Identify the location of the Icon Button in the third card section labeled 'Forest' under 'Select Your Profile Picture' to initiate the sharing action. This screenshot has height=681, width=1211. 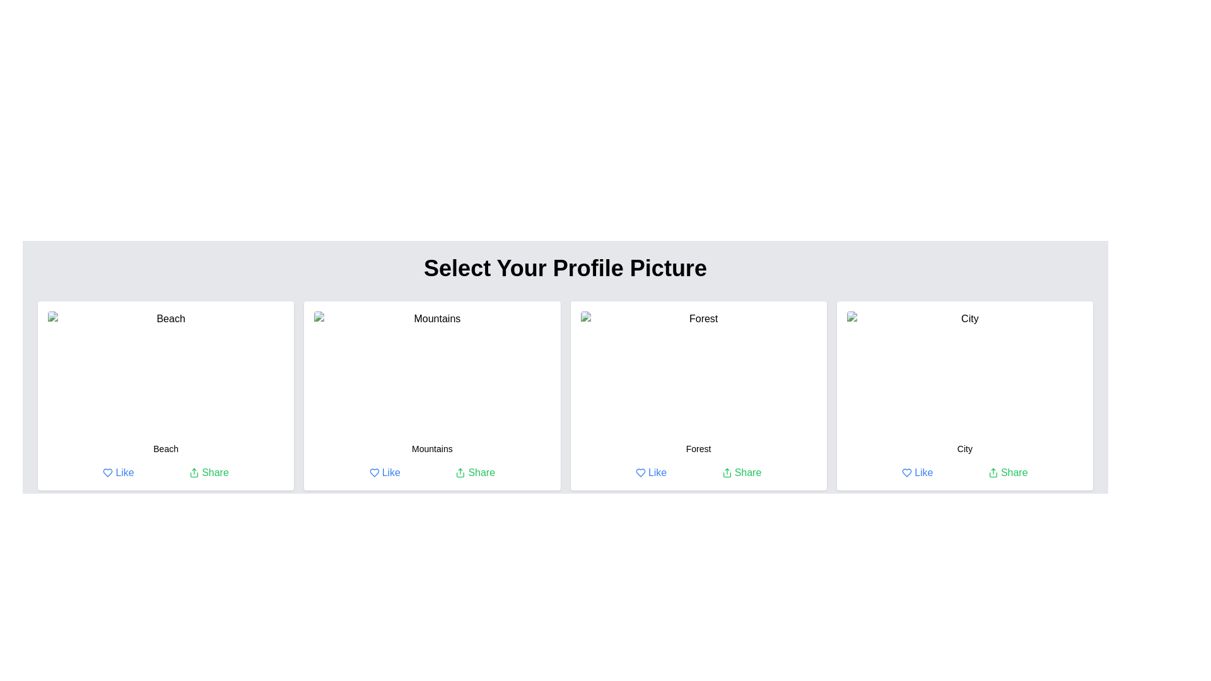
(727, 472).